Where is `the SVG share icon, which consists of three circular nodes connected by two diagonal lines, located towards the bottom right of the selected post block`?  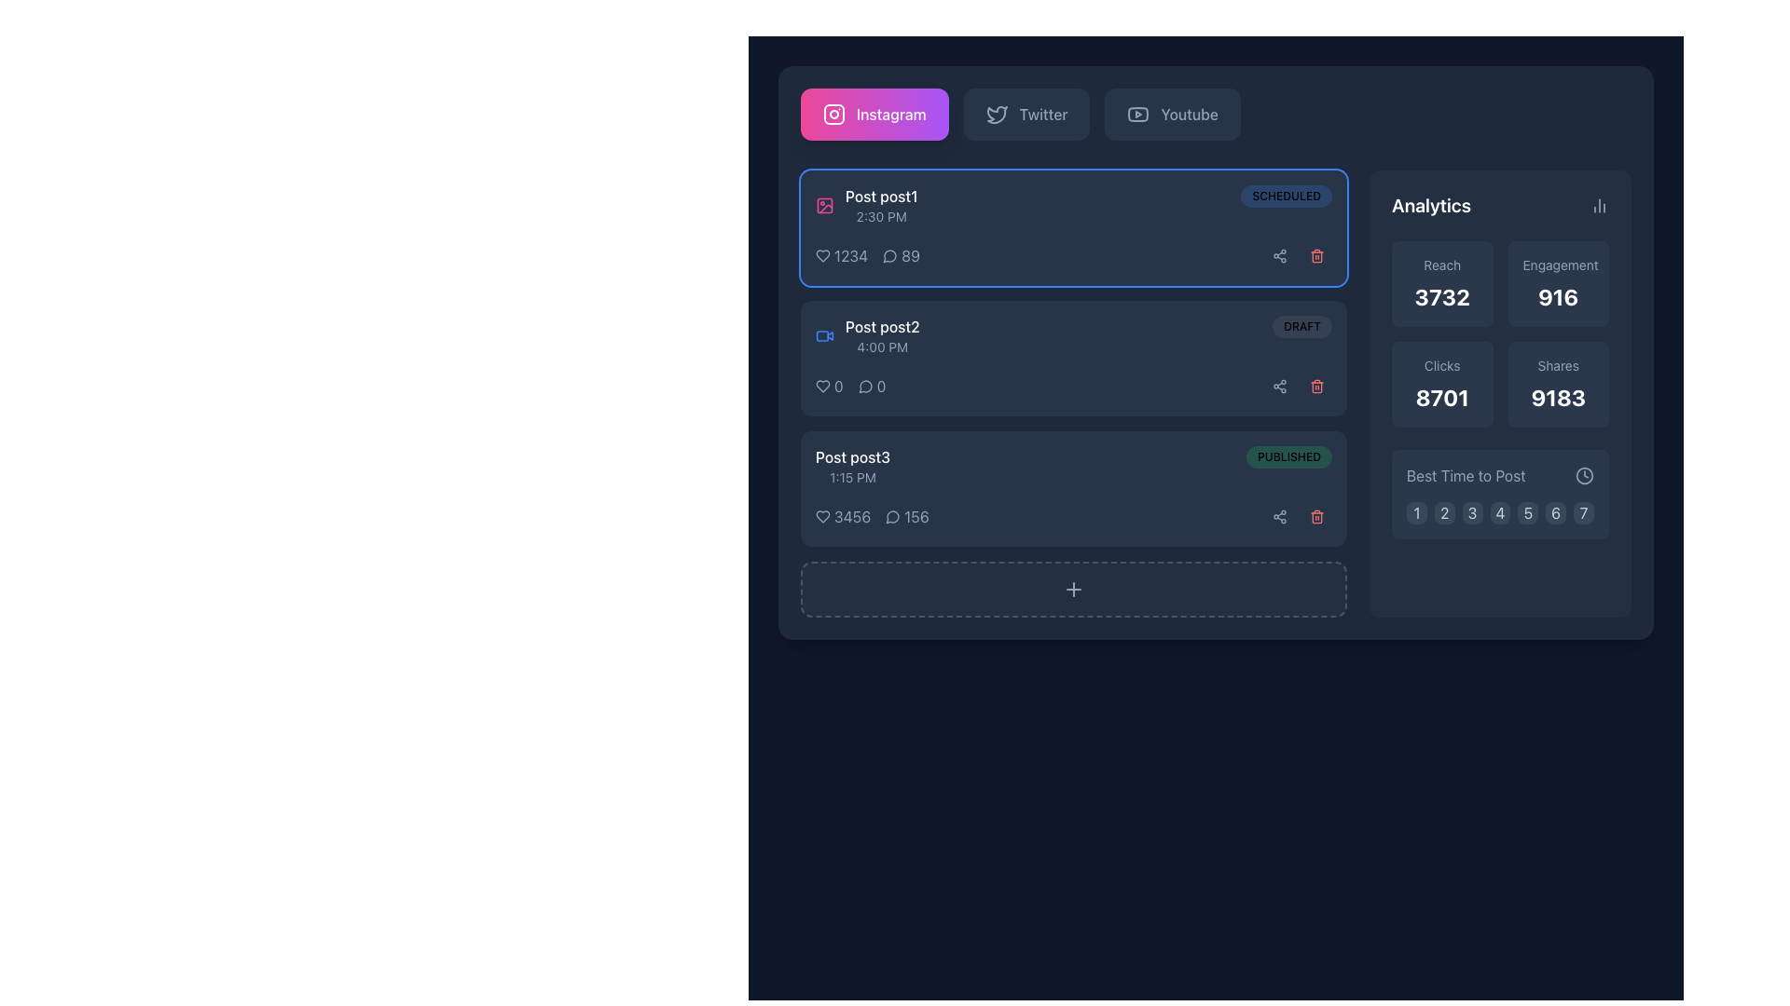 the SVG share icon, which consists of three circular nodes connected by two diagonal lines, located towards the bottom right of the selected post block is located at coordinates (1278, 517).